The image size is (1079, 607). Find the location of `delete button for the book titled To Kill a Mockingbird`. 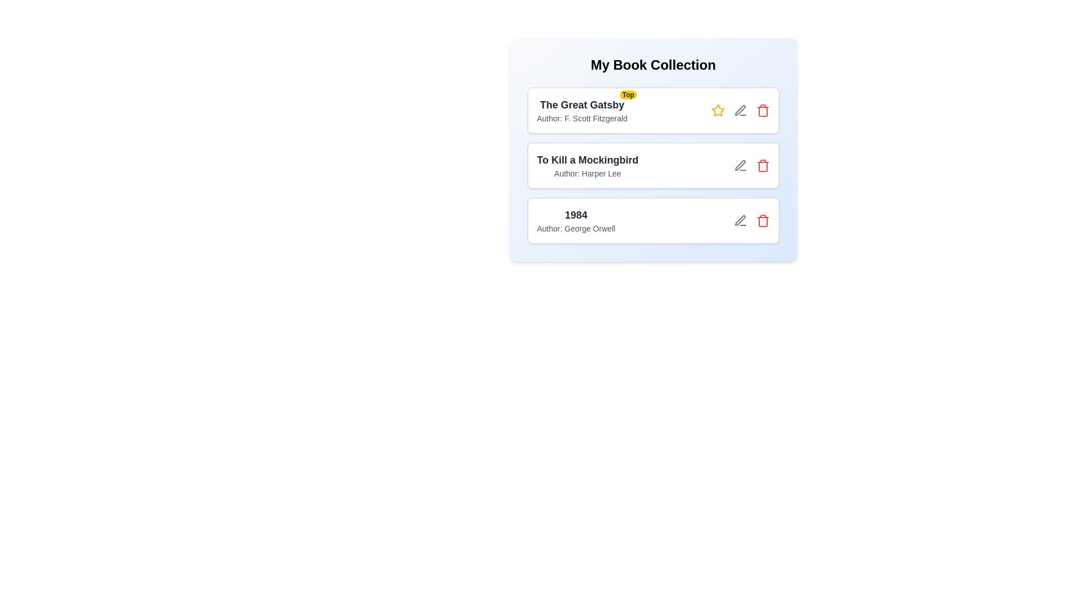

delete button for the book titled To Kill a Mockingbird is located at coordinates (763, 165).